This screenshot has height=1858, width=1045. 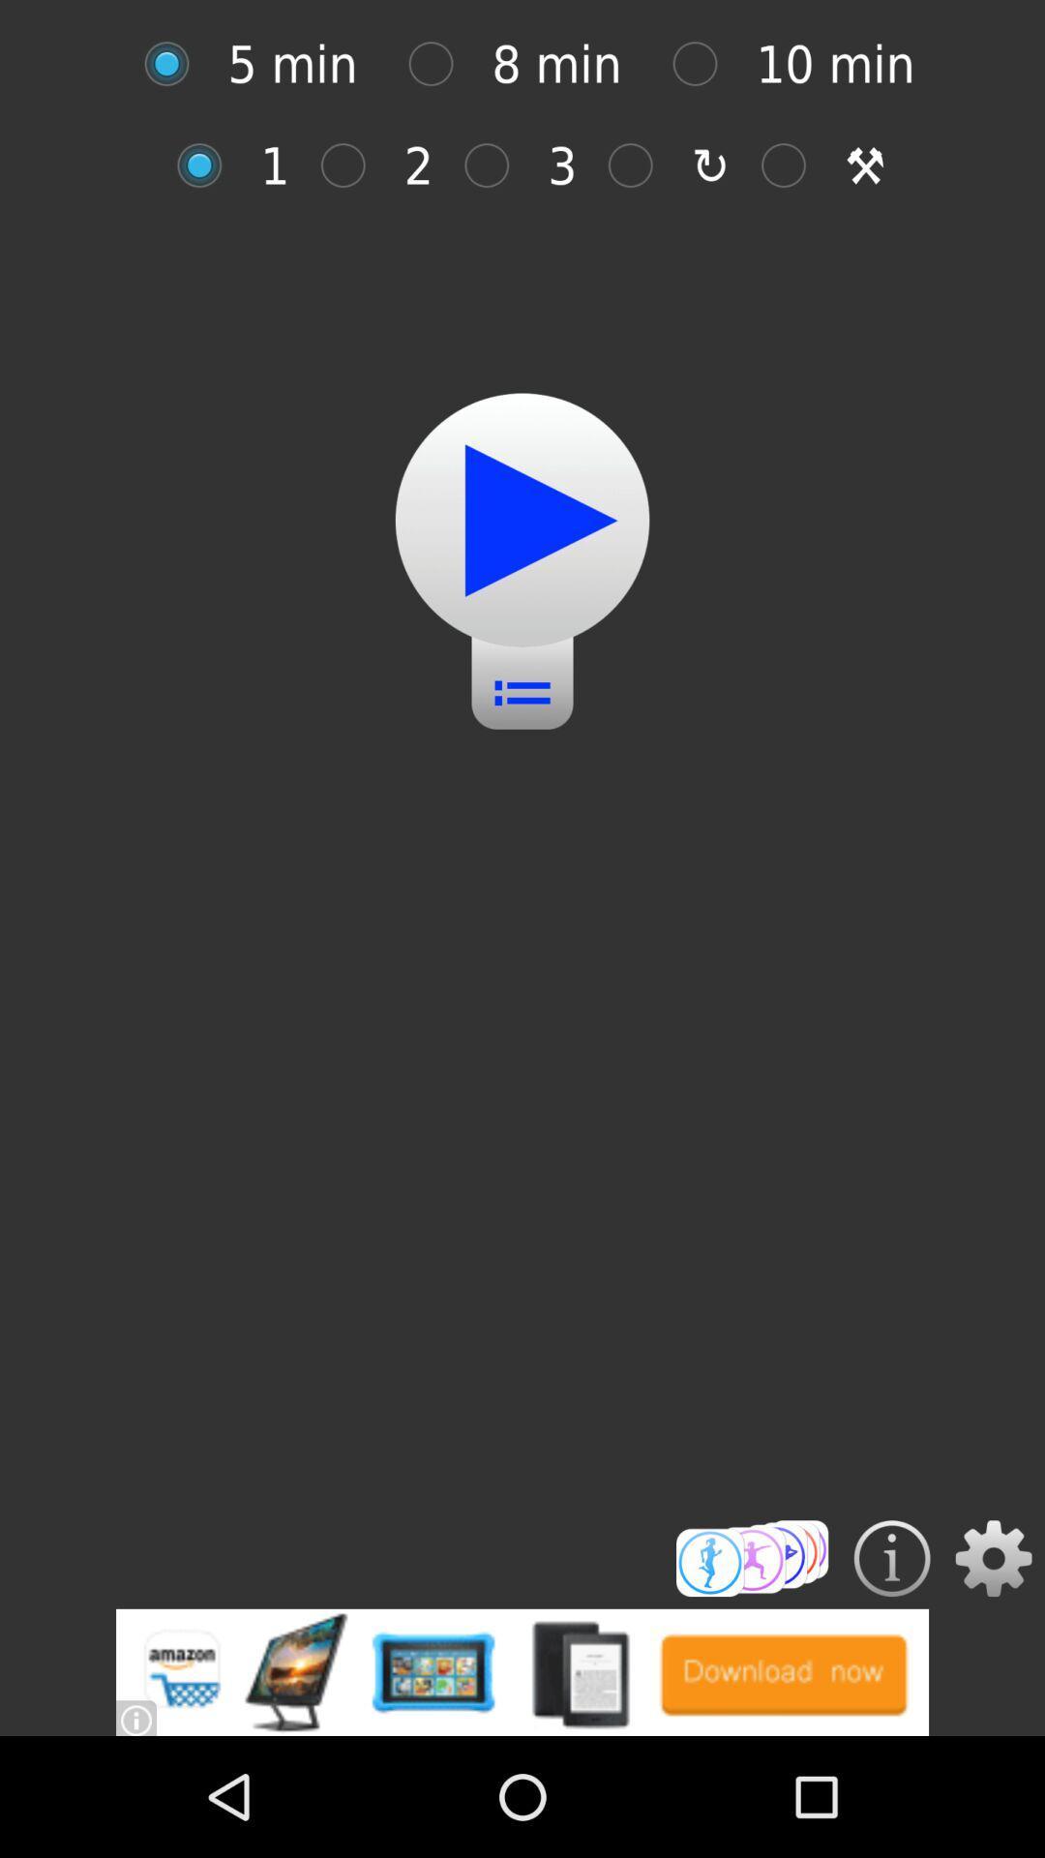 I want to click on choose your settings, so click(x=994, y=1558).